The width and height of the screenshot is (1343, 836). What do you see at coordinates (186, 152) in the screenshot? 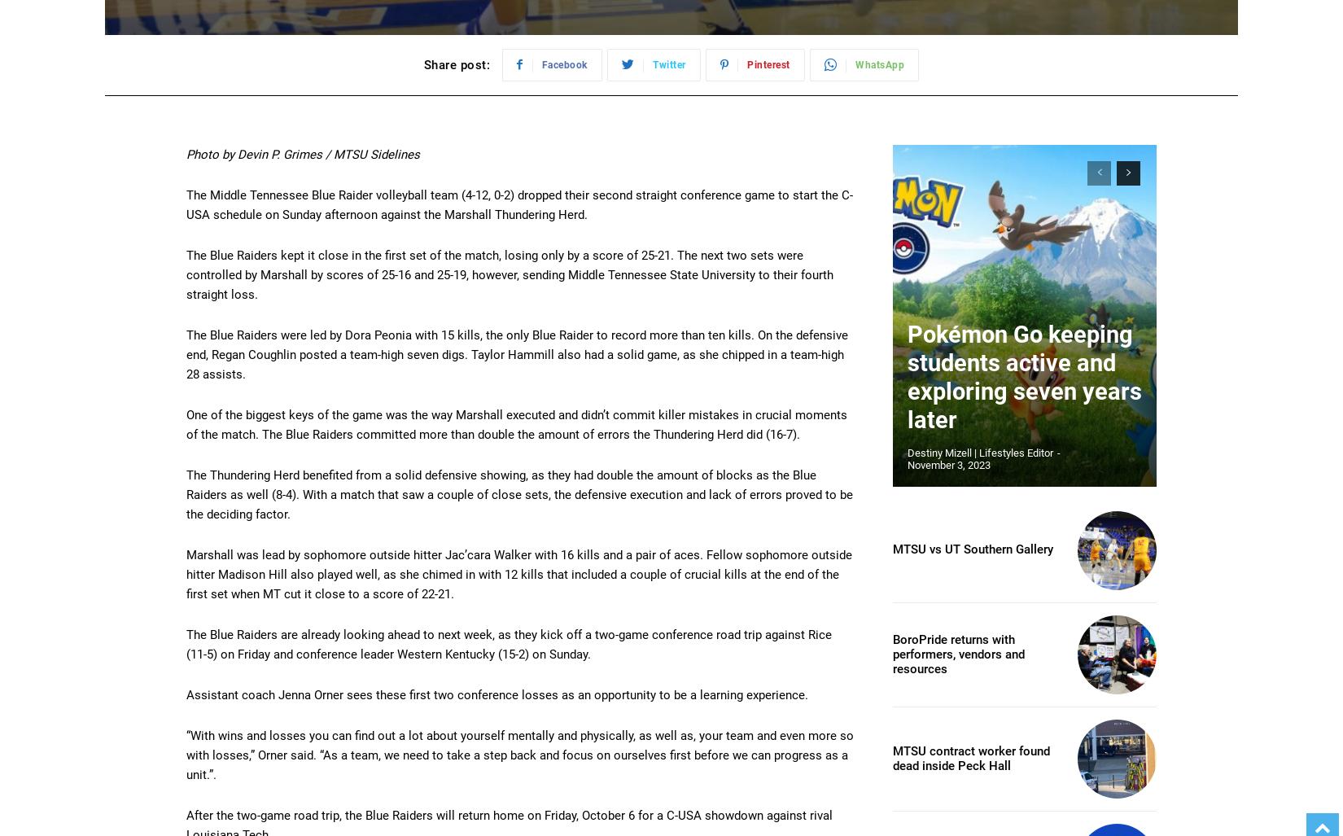
I see `'Photo by Devin P. Grimes / MTSU Sidelines'` at bounding box center [186, 152].